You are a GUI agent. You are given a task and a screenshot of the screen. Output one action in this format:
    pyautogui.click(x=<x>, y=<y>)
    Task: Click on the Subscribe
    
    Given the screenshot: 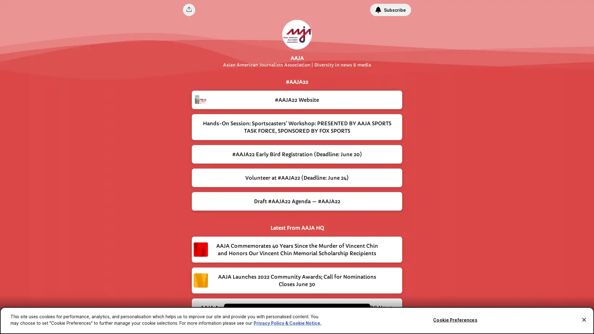 What is the action you would take?
    pyautogui.click(x=390, y=10)
    